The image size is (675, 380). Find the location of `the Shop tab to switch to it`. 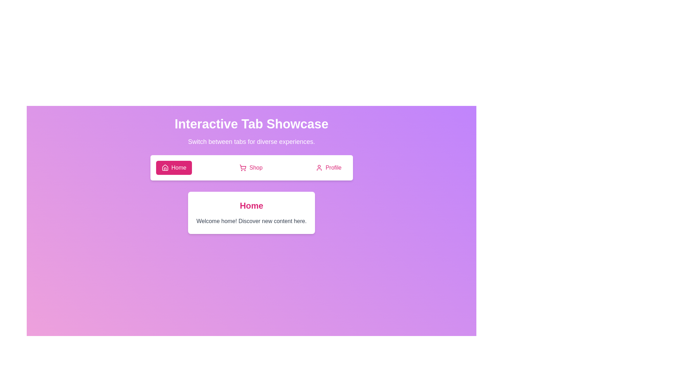

the Shop tab to switch to it is located at coordinates (251, 168).